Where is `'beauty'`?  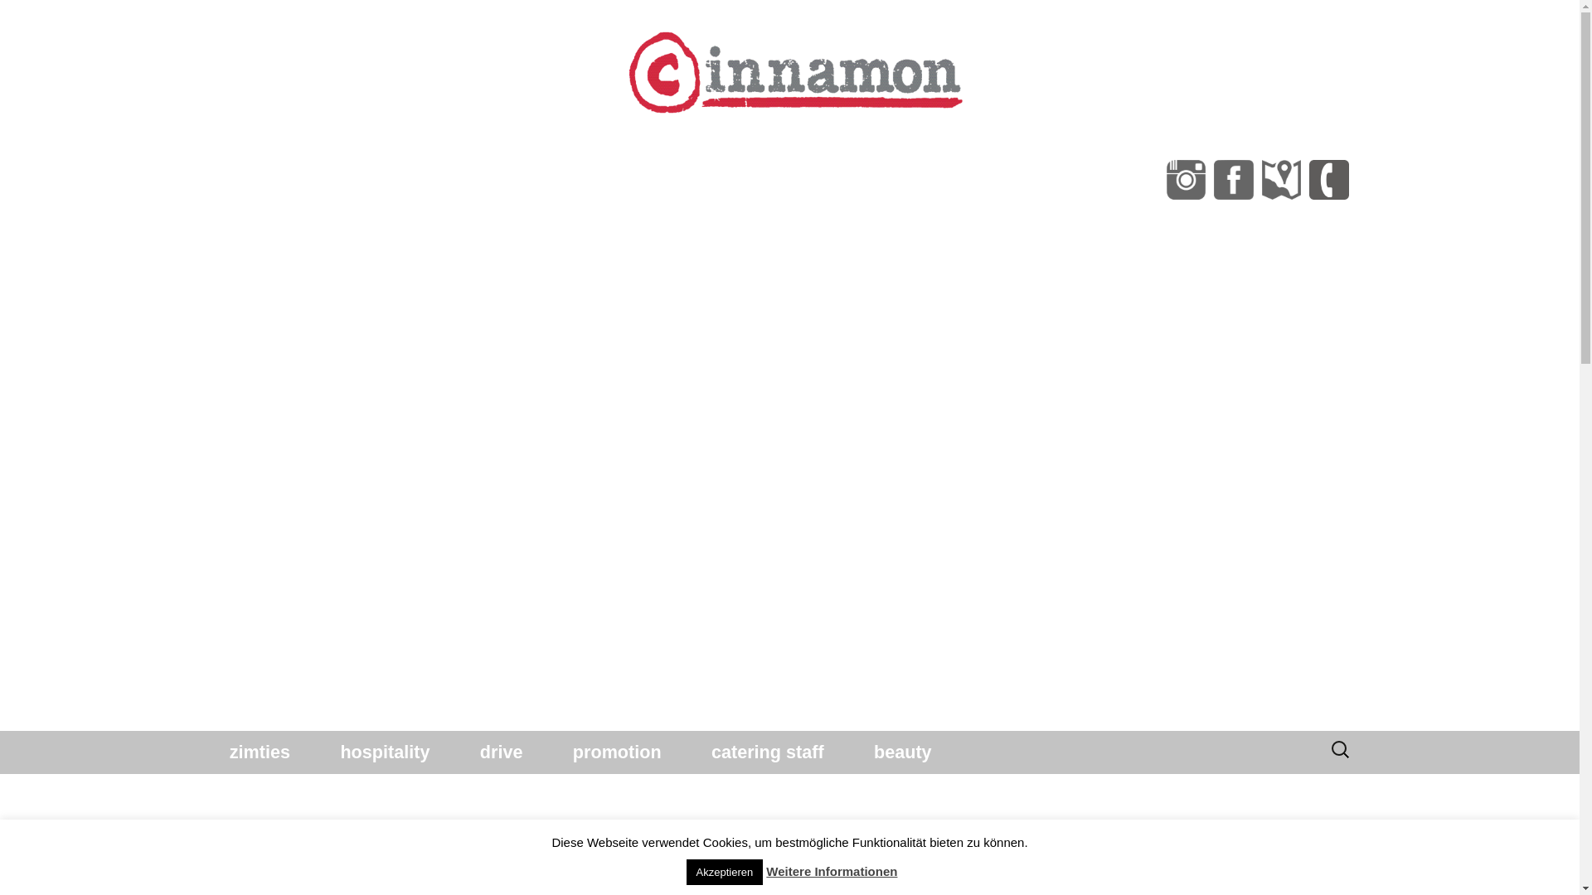
'beauty' is located at coordinates (852, 752).